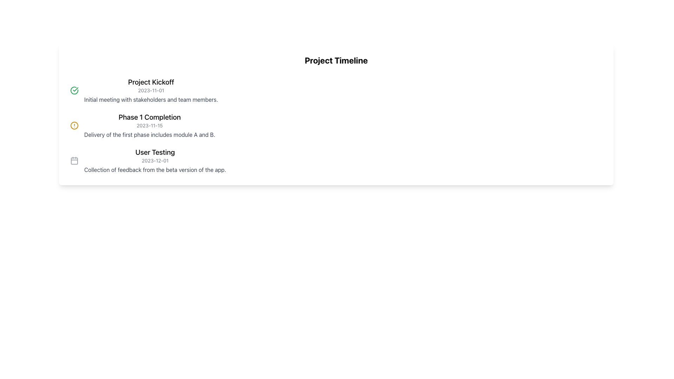  Describe the element at coordinates (149, 125) in the screenshot. I see `the text block containing the title 'Phase 1 Completion', which displays a date and a description below the title` at that location.